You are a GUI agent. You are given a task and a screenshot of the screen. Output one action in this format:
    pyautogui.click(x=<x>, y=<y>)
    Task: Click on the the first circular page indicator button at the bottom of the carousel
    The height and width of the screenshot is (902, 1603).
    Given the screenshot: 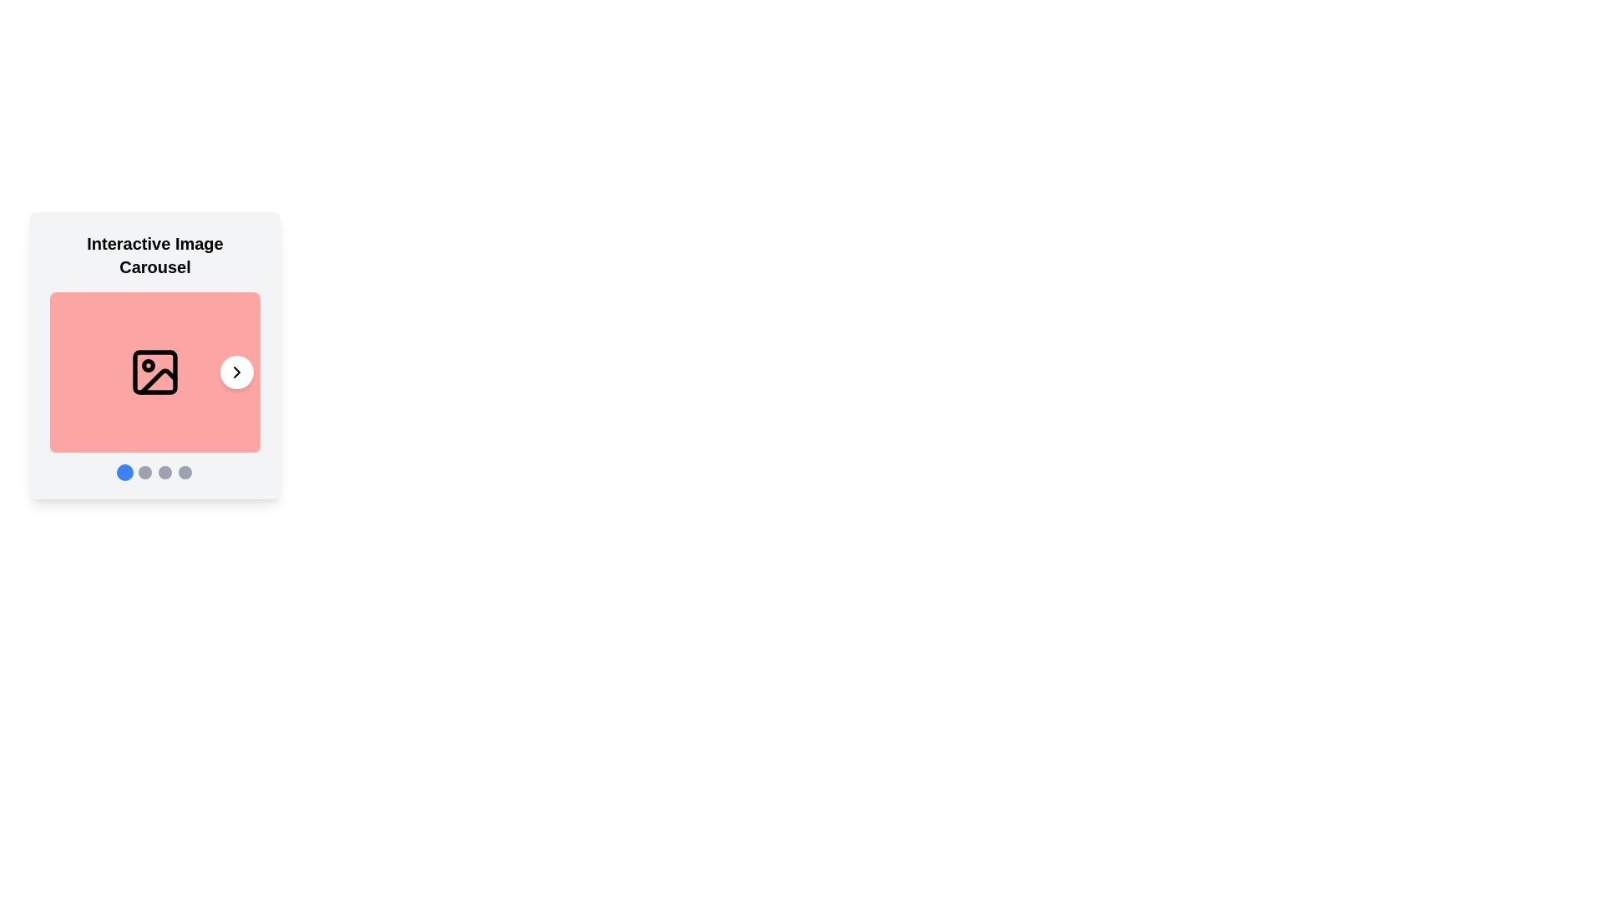 What is the action you would take?
    pyautogui.click(x=124, y=473)
    